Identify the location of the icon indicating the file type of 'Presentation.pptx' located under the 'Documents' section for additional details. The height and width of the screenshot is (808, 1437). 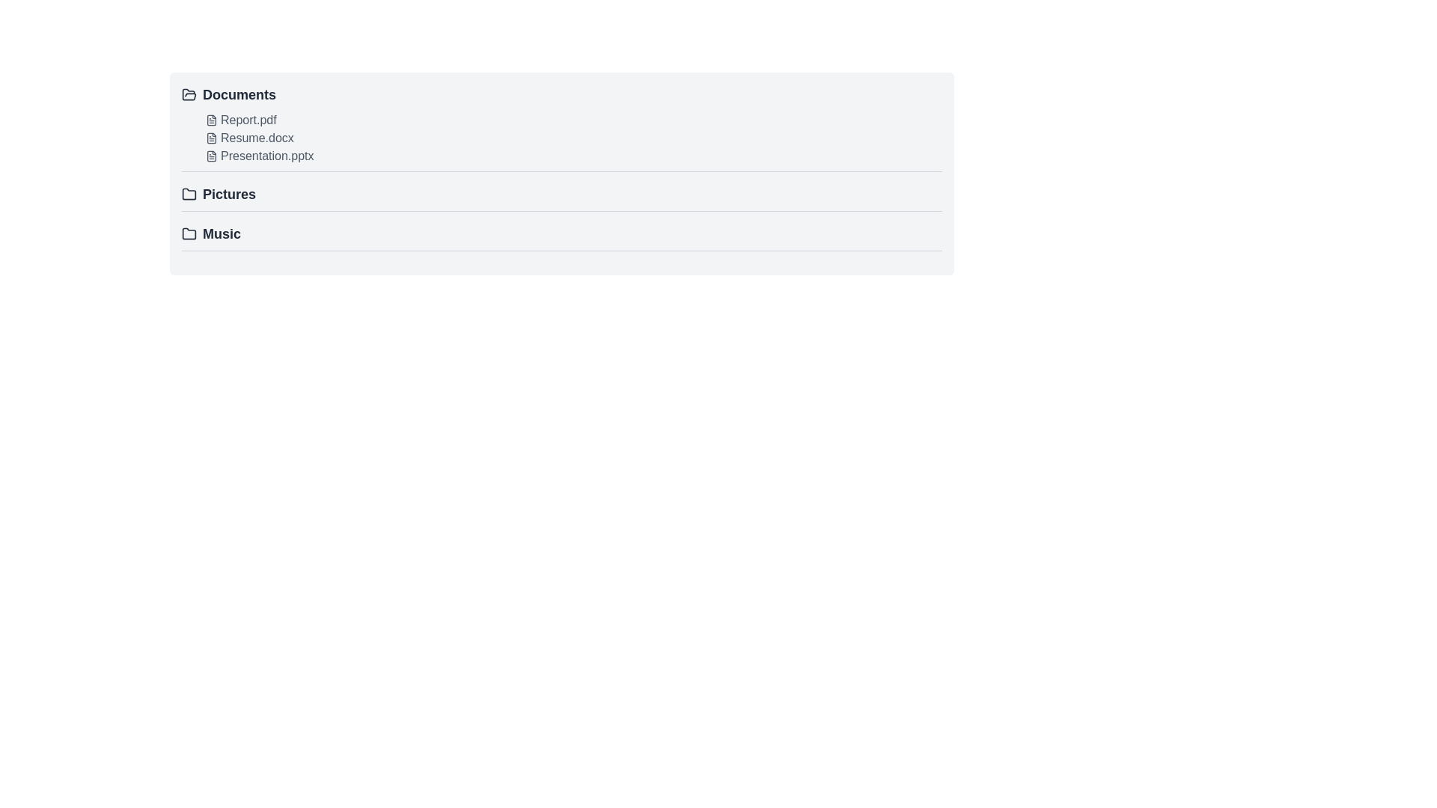
(211, 156).